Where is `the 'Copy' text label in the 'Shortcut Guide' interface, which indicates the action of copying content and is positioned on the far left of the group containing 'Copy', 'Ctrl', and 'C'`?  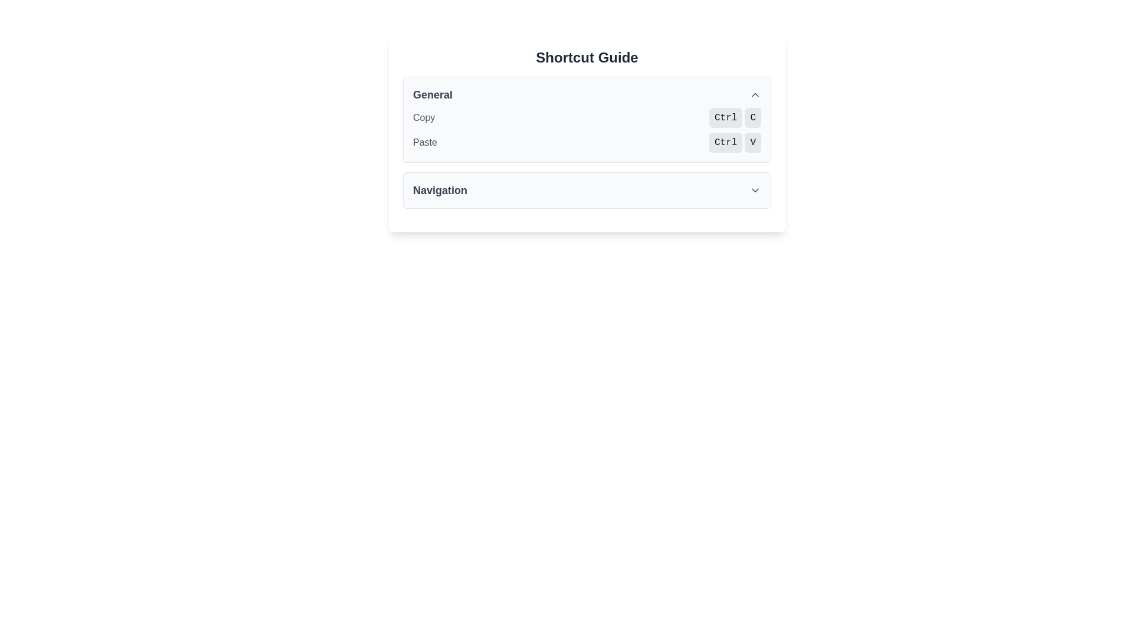 the 'Copy' text label in the 'Shortcut Guide' interface, which indicates the action of copying content and is positioned on the far left of the group containing 'Copy', 'Ctrl', and 'C' is located at coordinates (424, 118).